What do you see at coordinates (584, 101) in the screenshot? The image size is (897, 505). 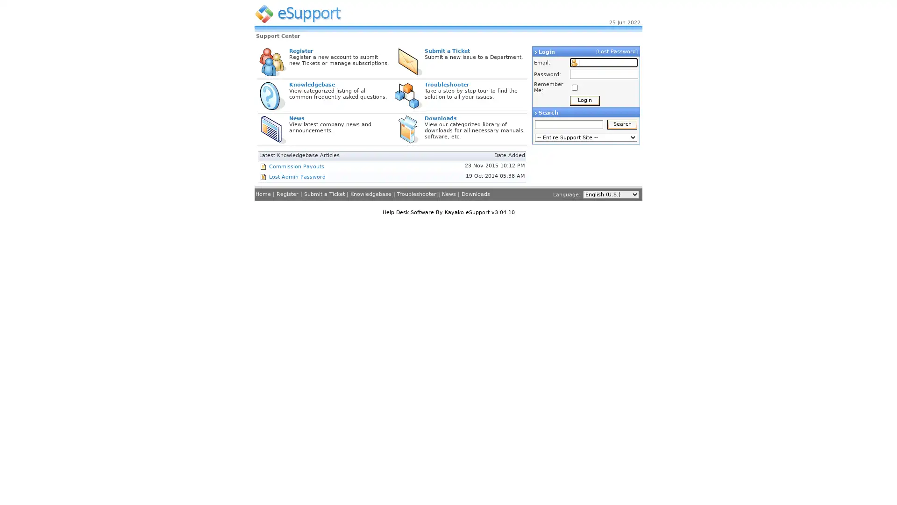 I see `Login` at bounding box center [584, 101].